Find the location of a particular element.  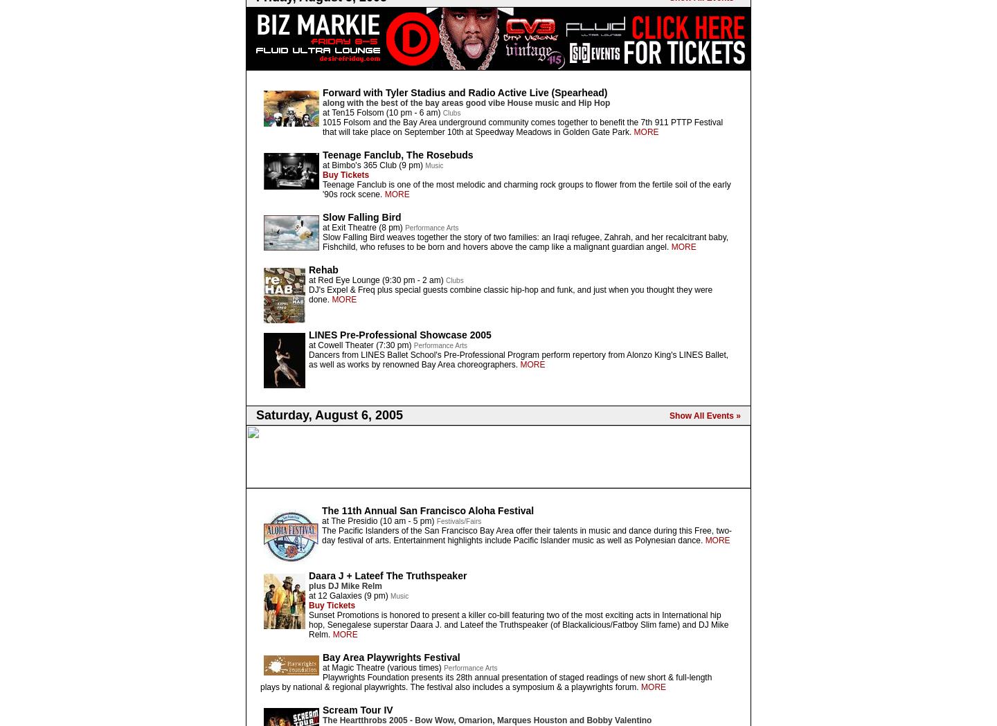

'Dancers from LINES Ballet School's Pre-Professional Program perform repertory from Alonzo King's LINES Ballet, as well as works by renowned Bay Area choreographers.' is located at coordinates (517, 359).